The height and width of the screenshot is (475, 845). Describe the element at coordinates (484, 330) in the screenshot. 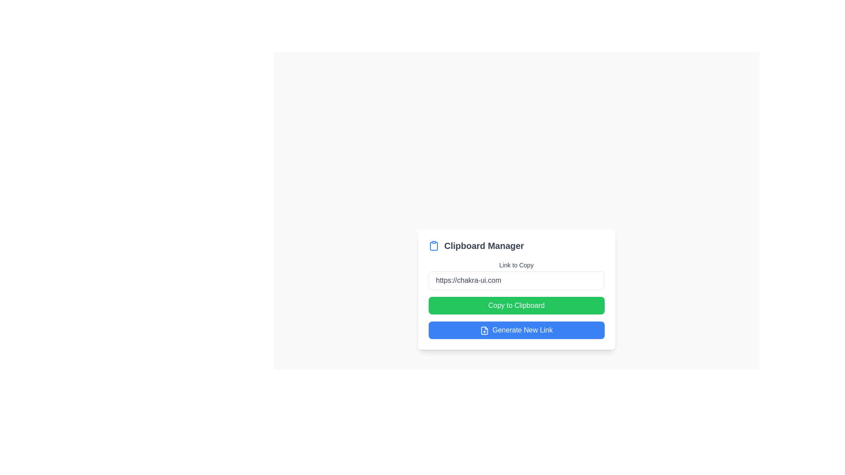

I see `the small blue file icon with a plus sign, located to the left of the text 'Generate New Link' within the blue rounded button at the bottom of the visible panel` at that location.